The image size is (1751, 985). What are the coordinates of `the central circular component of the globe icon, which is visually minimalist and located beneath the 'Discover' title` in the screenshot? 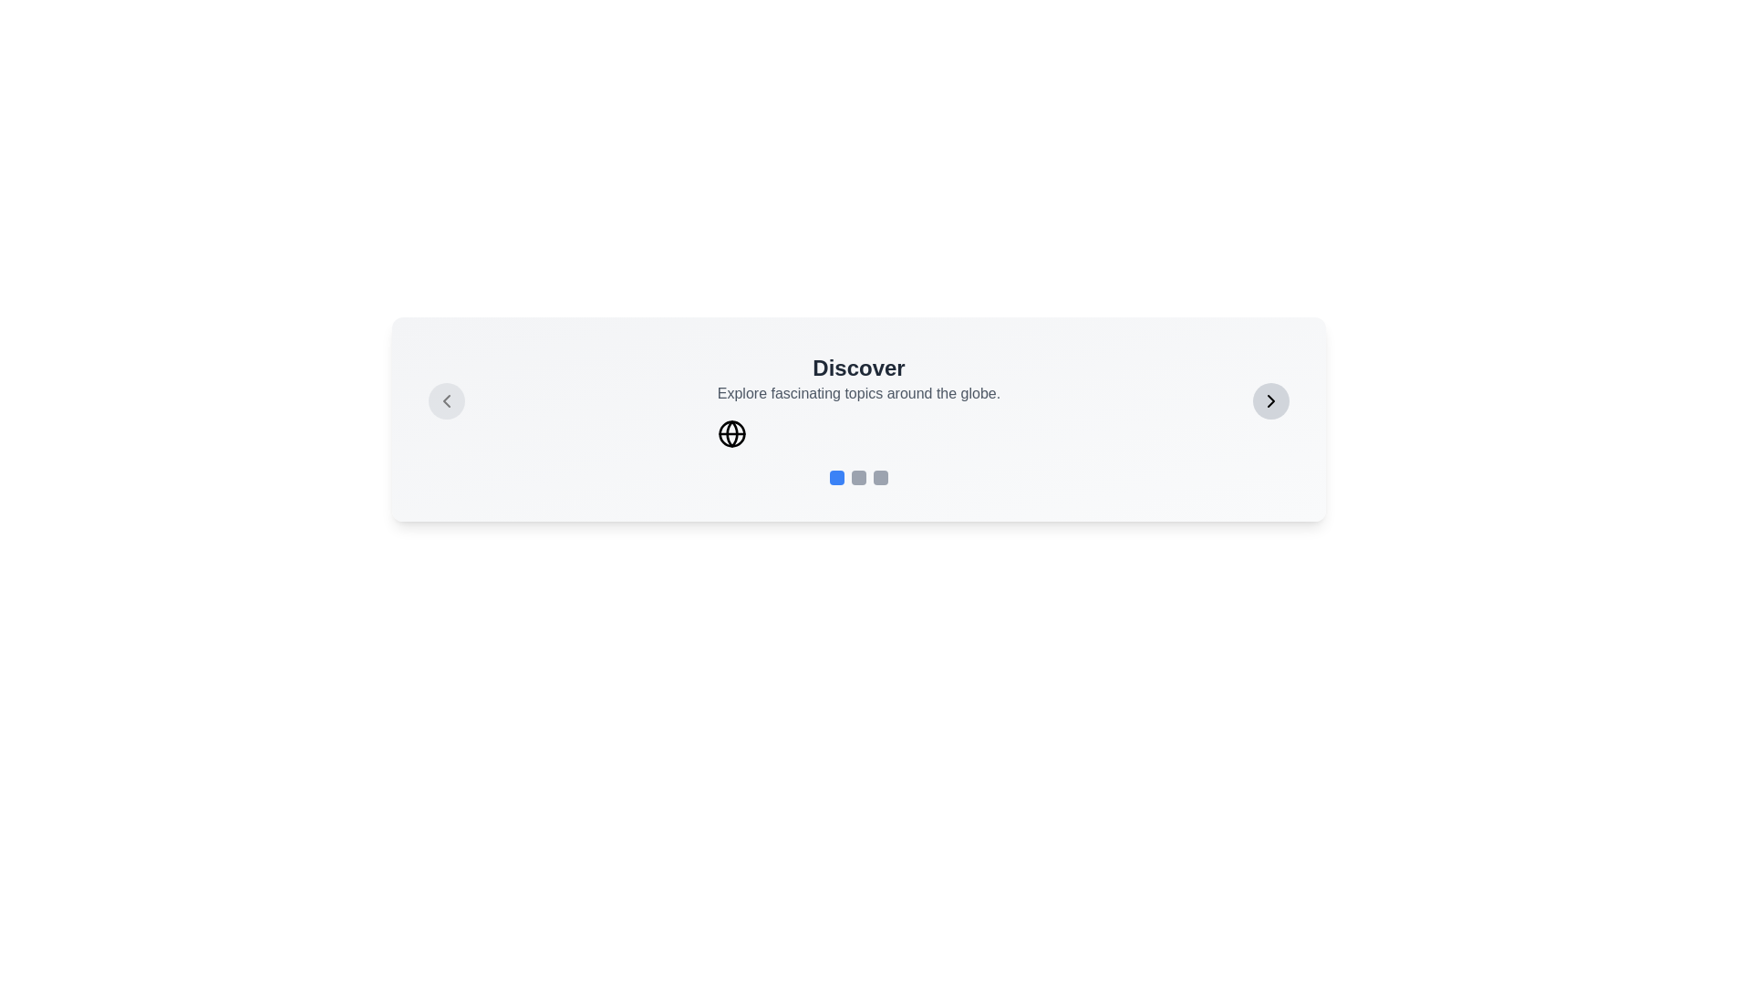 It's located at (731, 433).